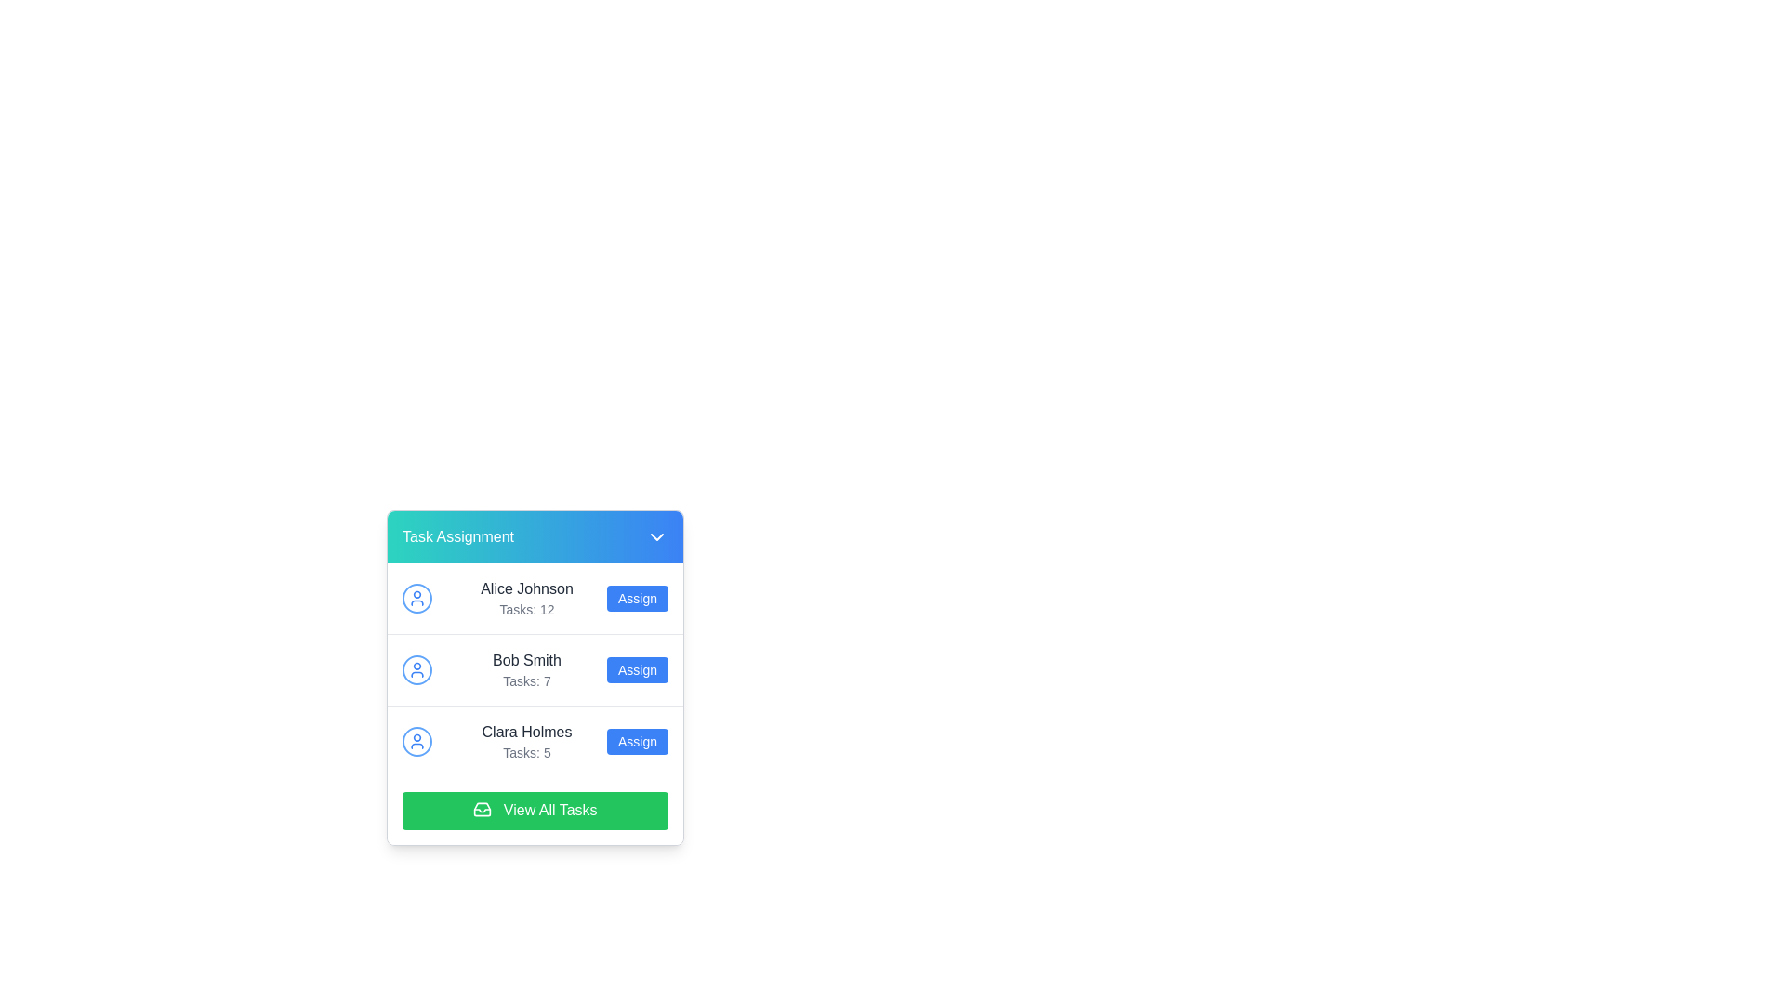 The image size is (1785, 1004). I want to click on task count information for the user entry of Alice Johnson, which displays 'Tasks: 12' beneath her name in the task assignment interface, so click(535, 599).